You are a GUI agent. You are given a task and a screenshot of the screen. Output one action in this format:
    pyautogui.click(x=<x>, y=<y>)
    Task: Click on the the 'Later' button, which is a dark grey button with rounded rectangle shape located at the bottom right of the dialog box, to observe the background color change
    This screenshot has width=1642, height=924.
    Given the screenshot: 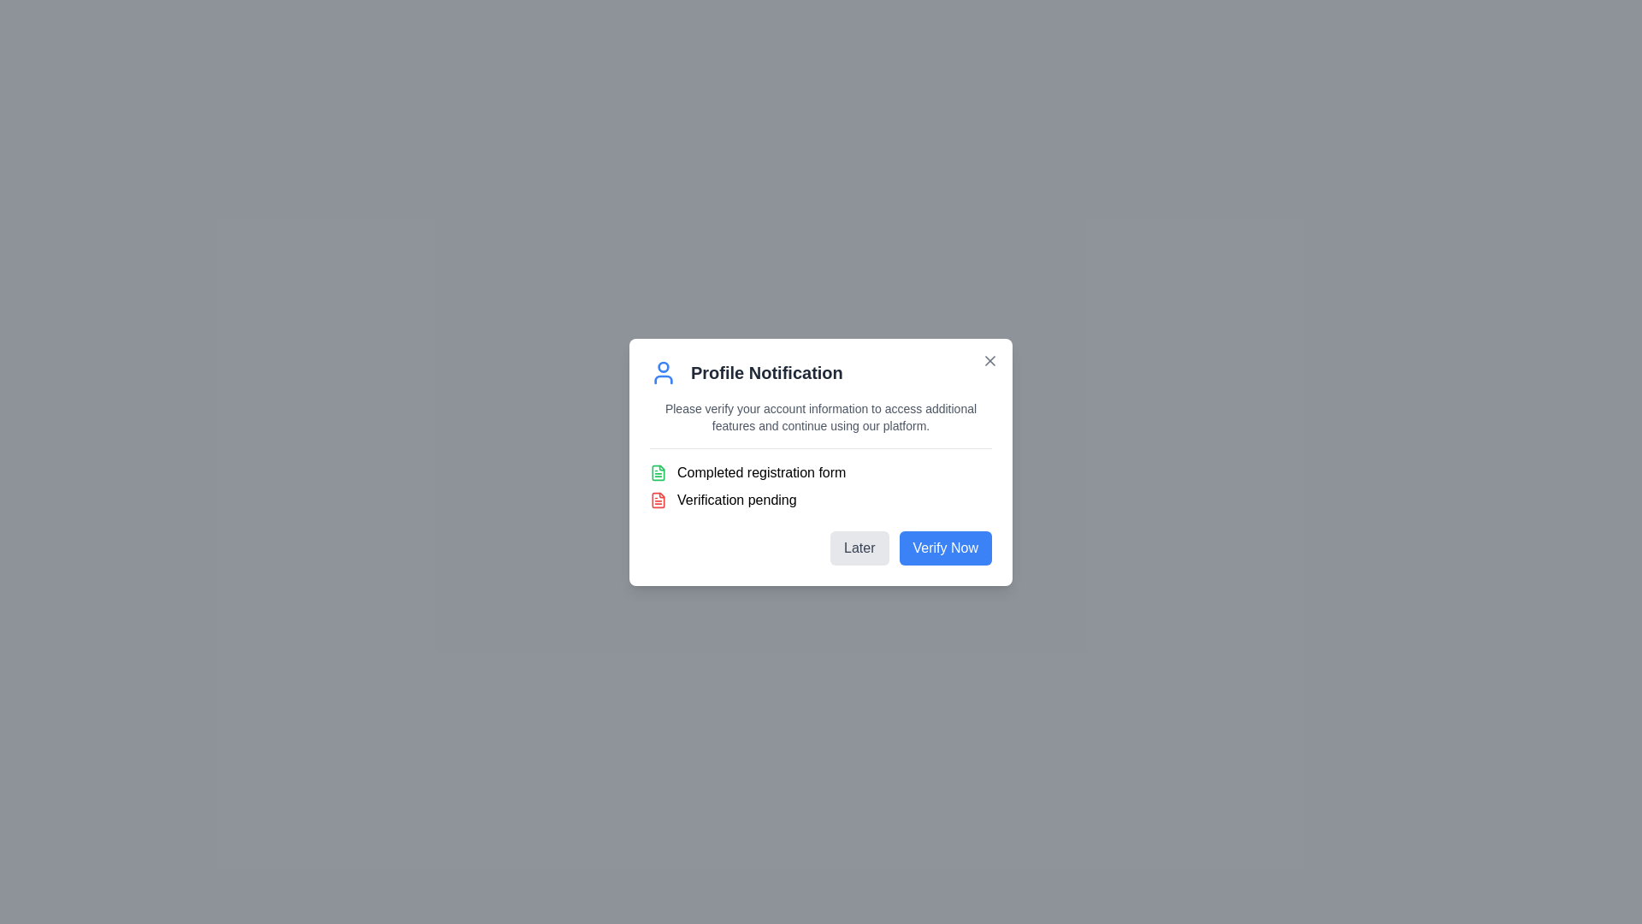 What is the action you would take?
    pyautogui.click(x=859, y=548)
    